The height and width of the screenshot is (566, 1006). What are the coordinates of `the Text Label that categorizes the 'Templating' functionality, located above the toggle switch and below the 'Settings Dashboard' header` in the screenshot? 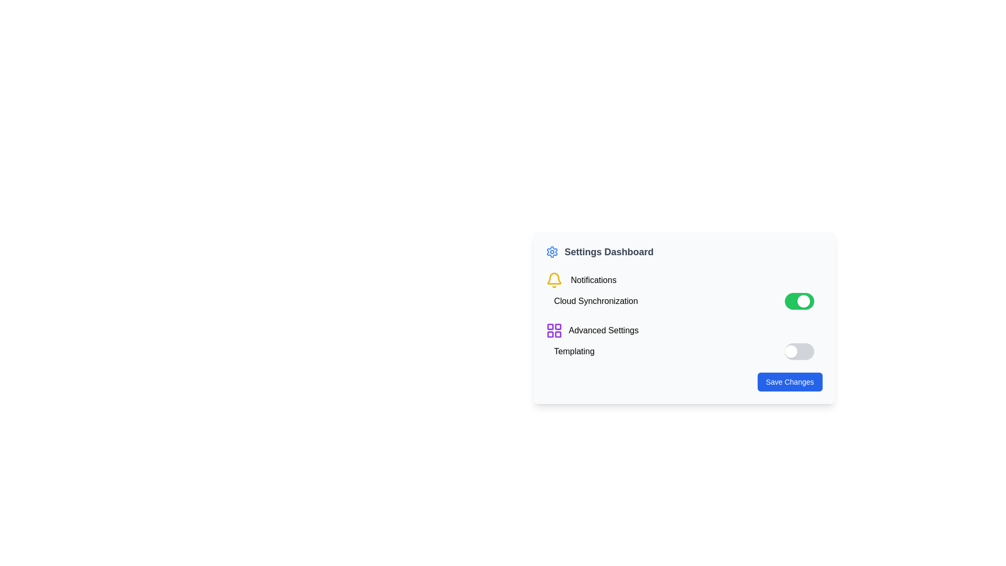 It's located at (574, 352).